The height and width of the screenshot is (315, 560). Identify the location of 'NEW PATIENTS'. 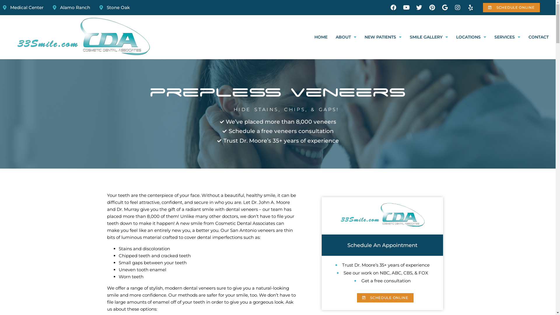
(383, 37).